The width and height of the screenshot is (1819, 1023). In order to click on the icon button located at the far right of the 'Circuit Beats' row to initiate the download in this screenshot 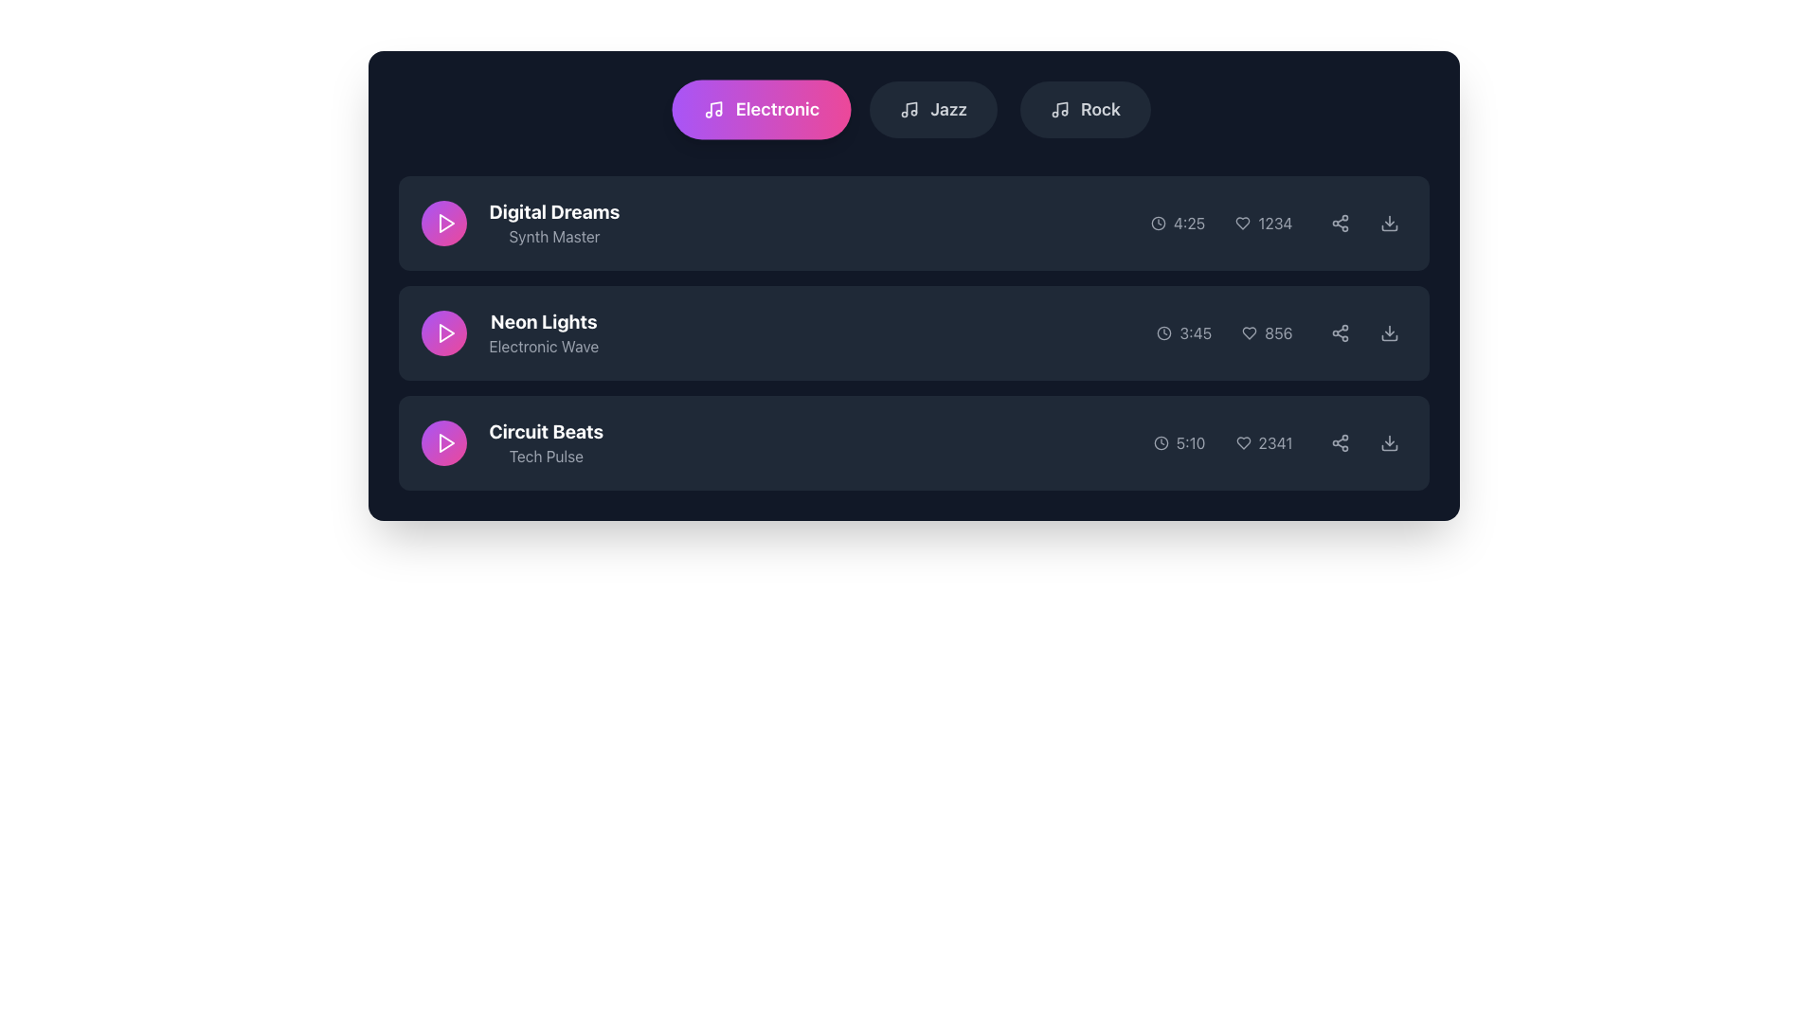, I will do `click(1389, 442)`.